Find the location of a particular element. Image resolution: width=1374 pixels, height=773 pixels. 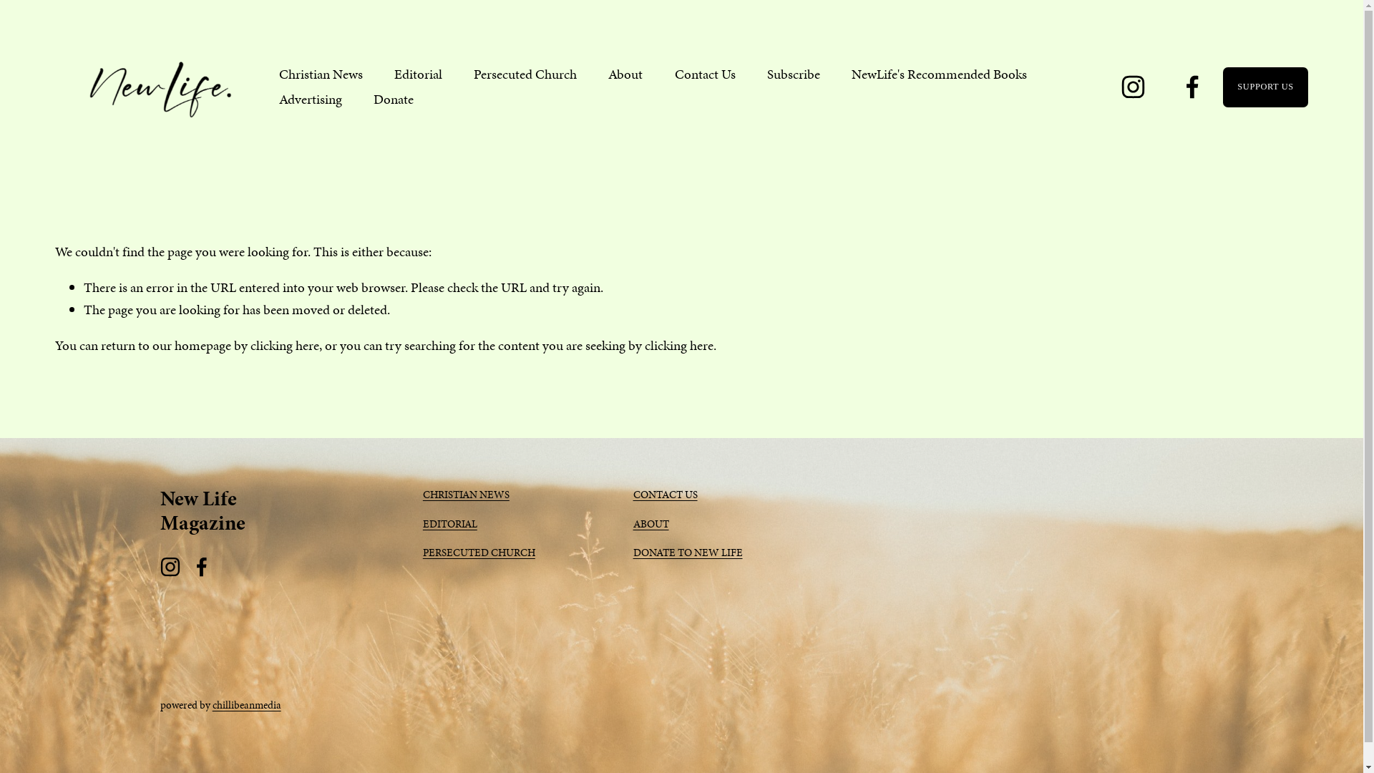

'Christian News' is located at coordinates (320, 74).